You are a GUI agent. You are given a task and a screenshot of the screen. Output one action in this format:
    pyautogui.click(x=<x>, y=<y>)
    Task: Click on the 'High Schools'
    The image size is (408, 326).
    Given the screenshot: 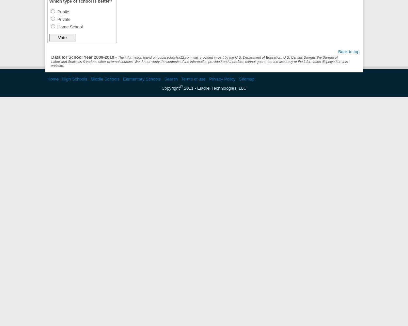 What is the action you would take?
    pyautogui.click(x=74, y=79)
    